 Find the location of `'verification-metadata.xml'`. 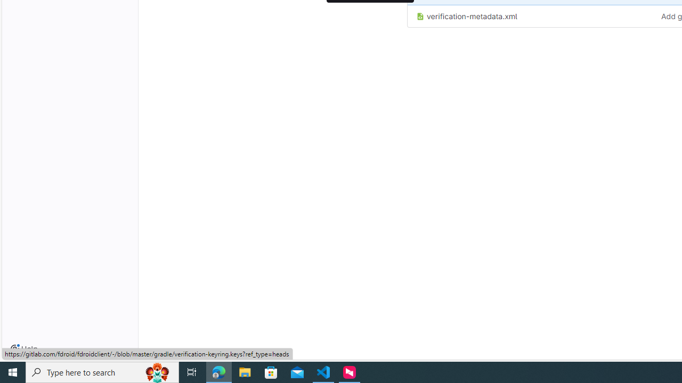

'verification-metadata.xml' is located at coordinates (530, 16).